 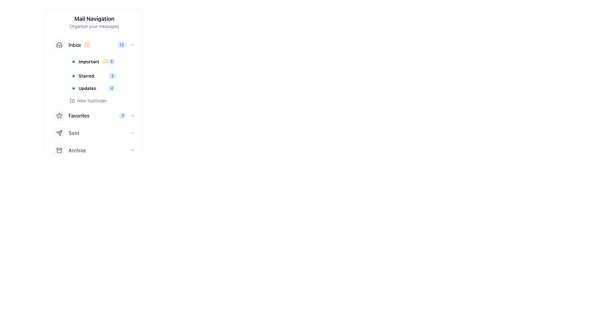 What do you see at coordinates (102, 100) in the screenshot?
I see `the 'New Subfolder' button located in the 'Inbox' section of the navigation sidebar menu` at bounding box center [102, 100].